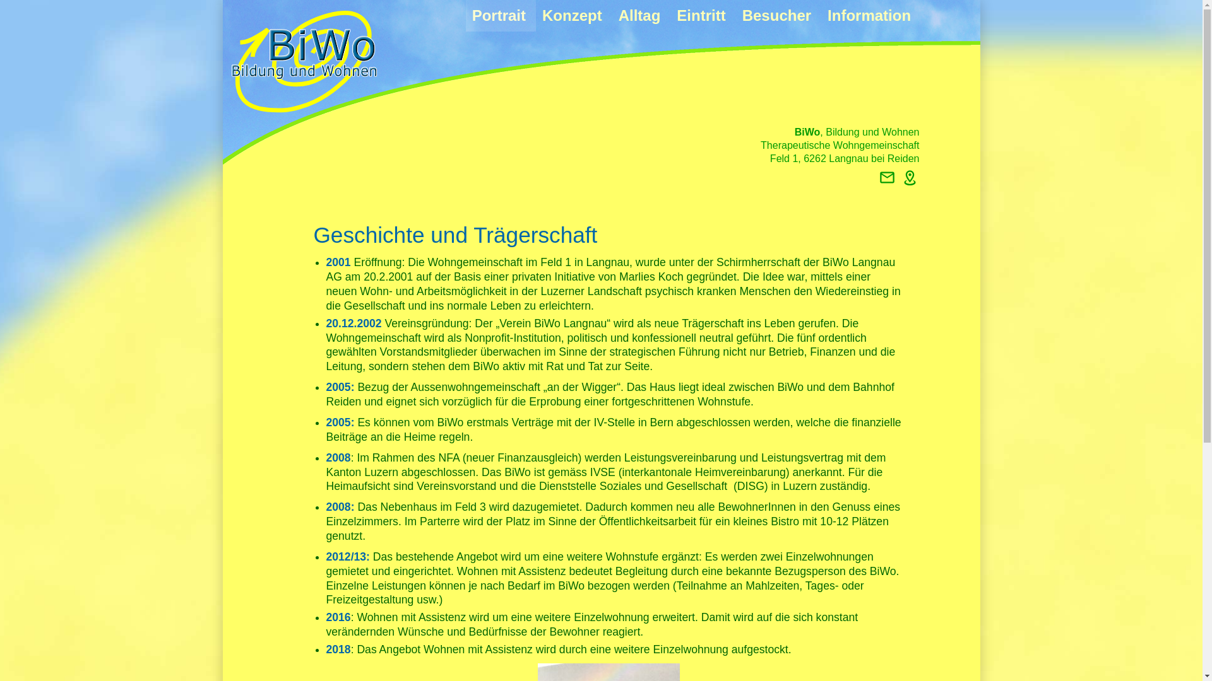  I want to click on 'Besucher', so click(778, 15).